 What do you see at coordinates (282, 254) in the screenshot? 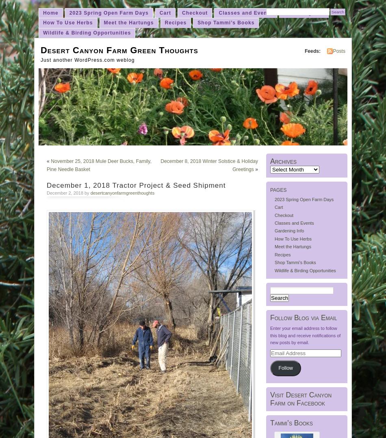
I see `'Recipes'` at bounding box center [282, 254].